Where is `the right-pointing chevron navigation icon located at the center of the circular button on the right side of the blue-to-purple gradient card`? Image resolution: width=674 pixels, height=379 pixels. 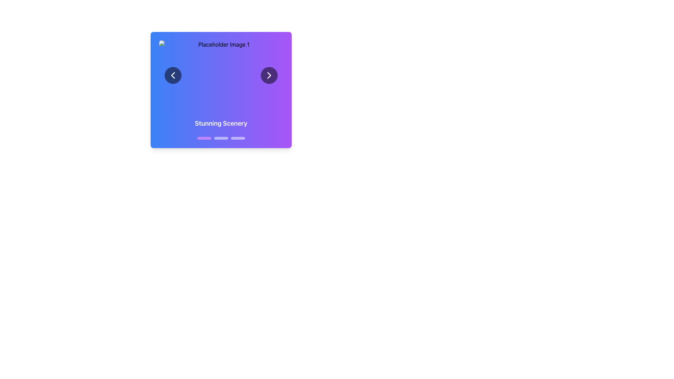 the right-pointing chevron navigation icon located at the center of the circular button on the right side of the blue-to-purple gradient card is located at coordinates (269, 75).